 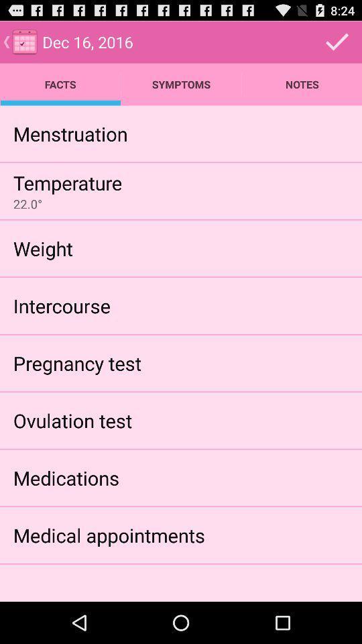 I want to click on the app below the ovulation test app, so click(x=65, y=478).